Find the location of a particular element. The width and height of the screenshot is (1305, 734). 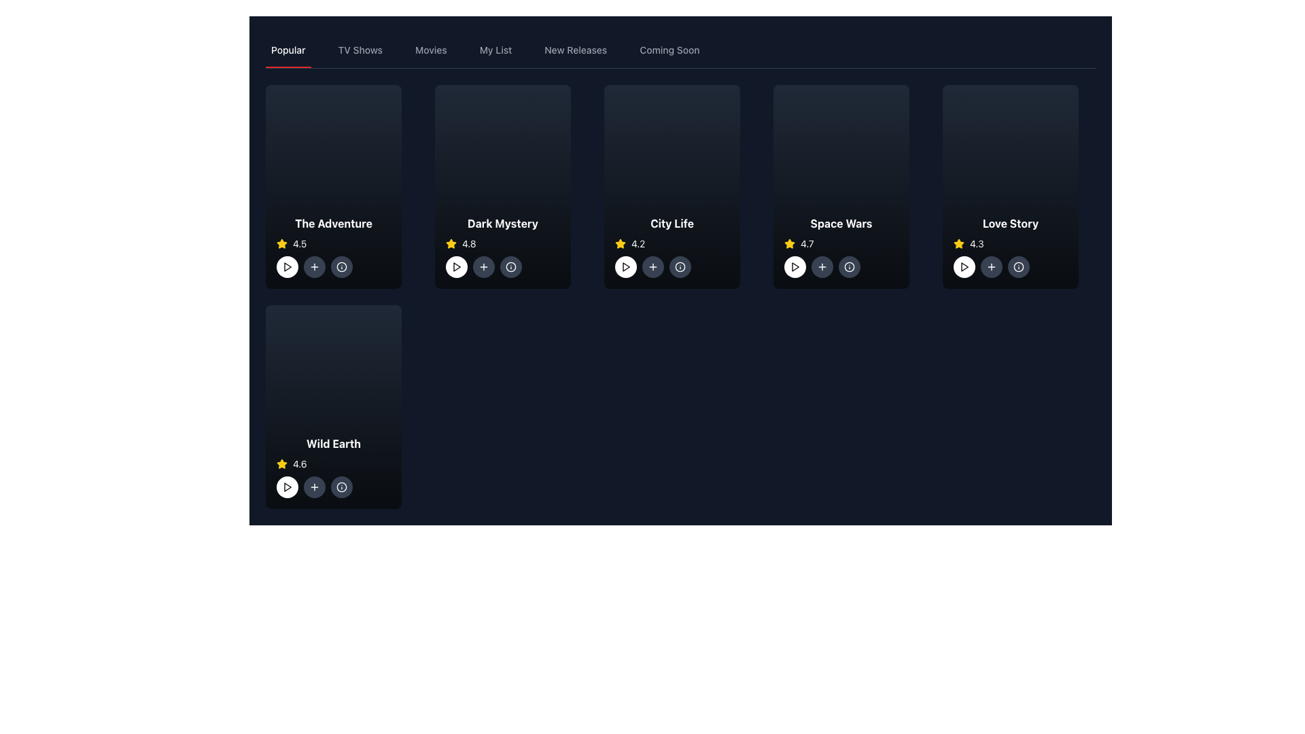

the yellow star icon representing the rating for the item 'City Life' located in the third column of the top row within the grid of cards, positioned to the left of the text '4.2' is located at coordinates (619, 243).